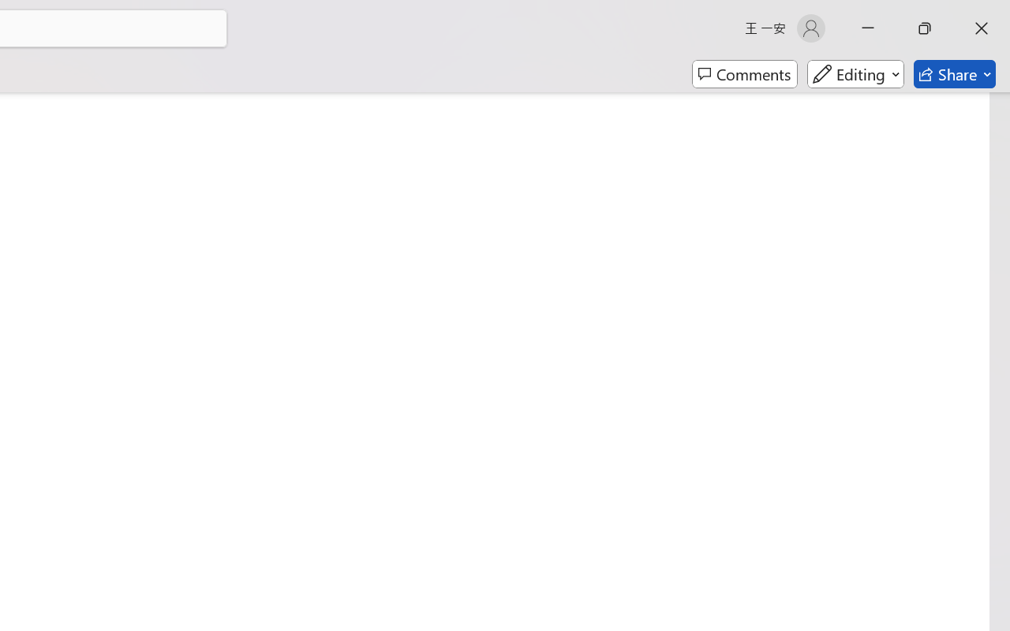  What do you see at coordinates (855, 74) in the screenshot?
I see `'Mode'` at bounding box center [855, 74].